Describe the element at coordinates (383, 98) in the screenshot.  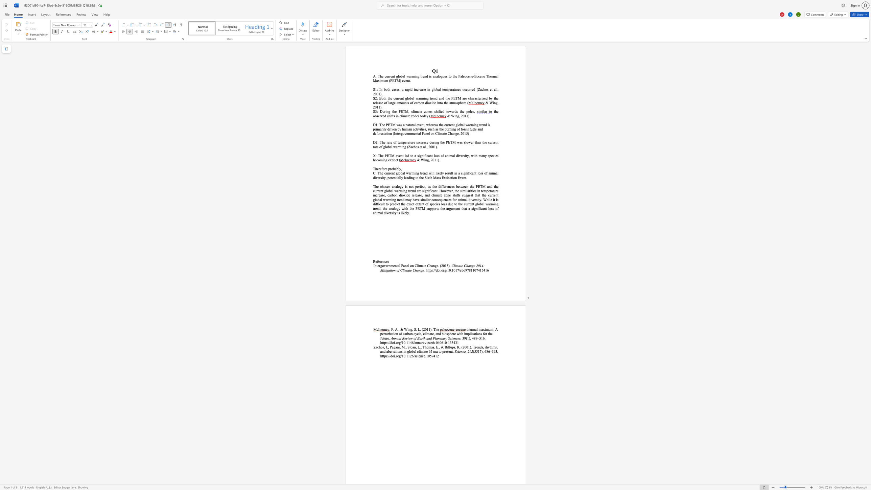
I see `the space between the continuous character "o" and "t" in the text` at that location.